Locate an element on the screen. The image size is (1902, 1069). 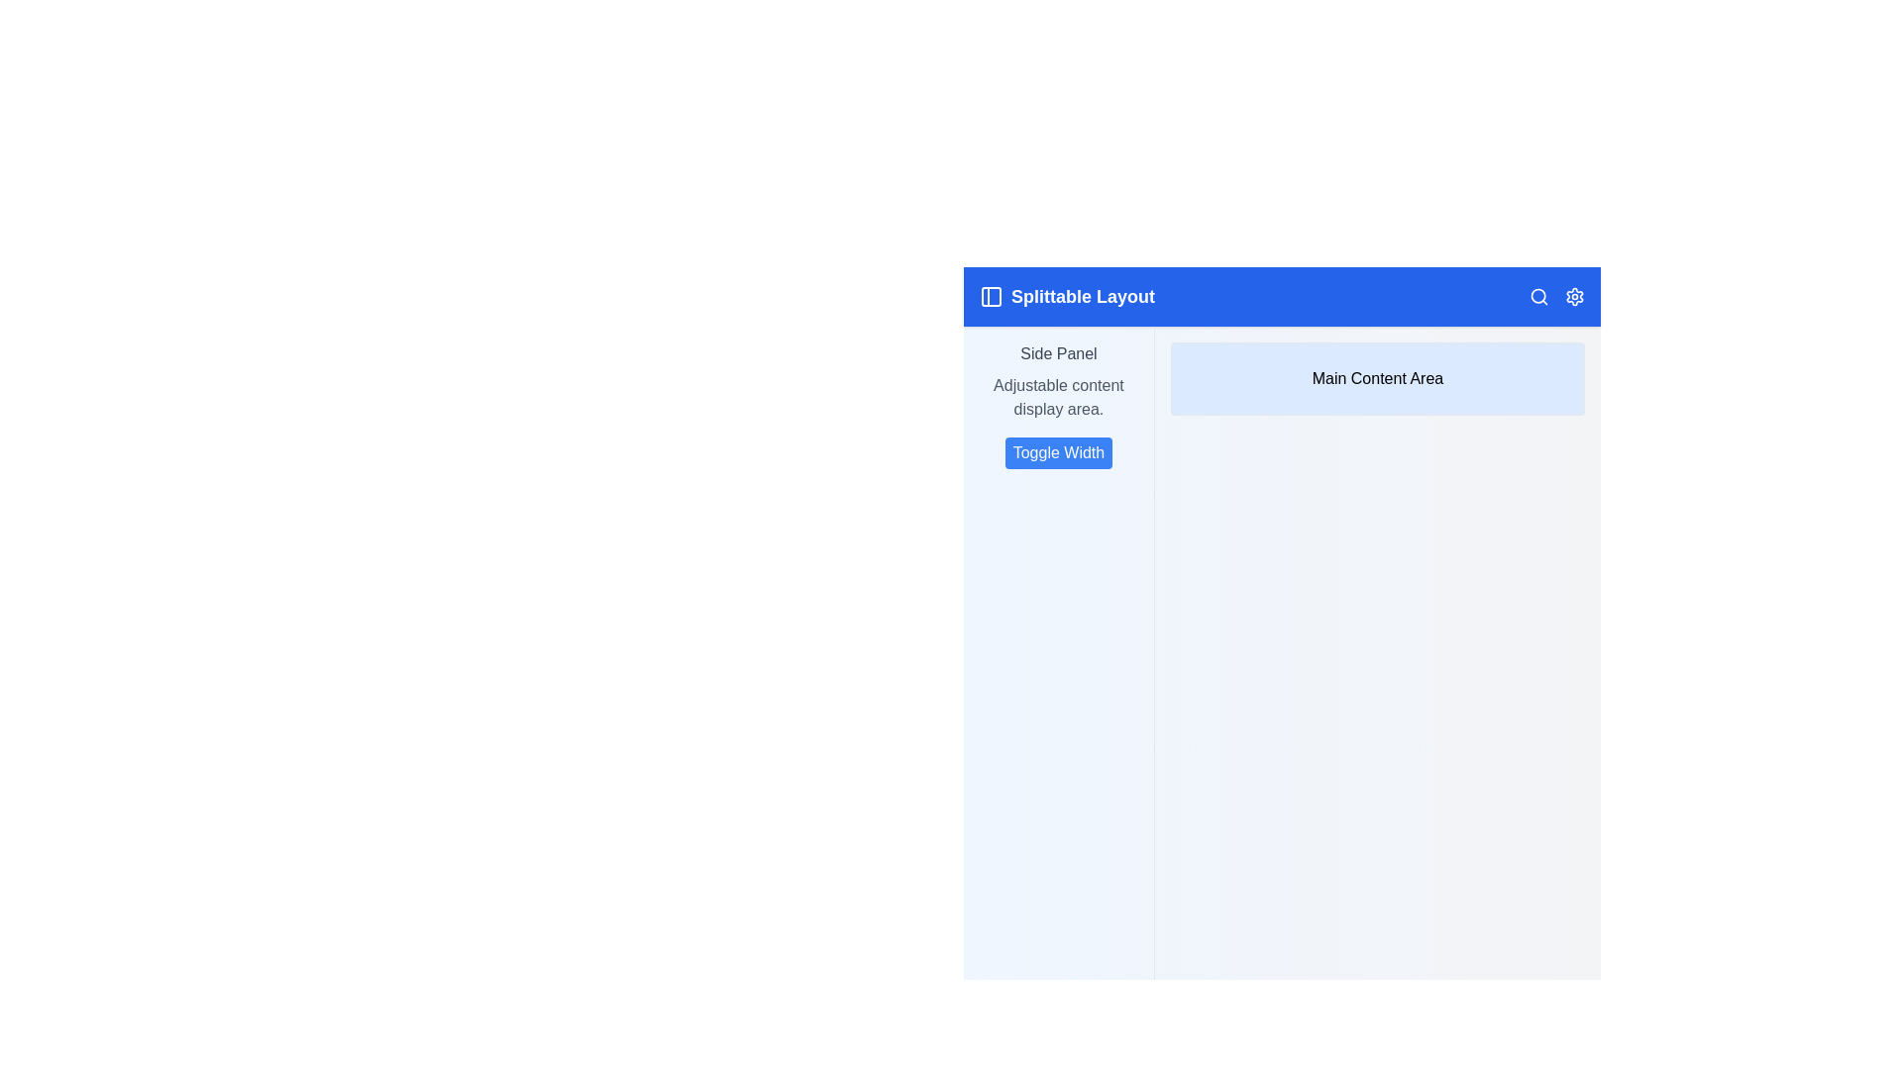
the circular part of the magnifying glass lens located at the top-right corner of the header bar is located at coordinates (1537, 296).